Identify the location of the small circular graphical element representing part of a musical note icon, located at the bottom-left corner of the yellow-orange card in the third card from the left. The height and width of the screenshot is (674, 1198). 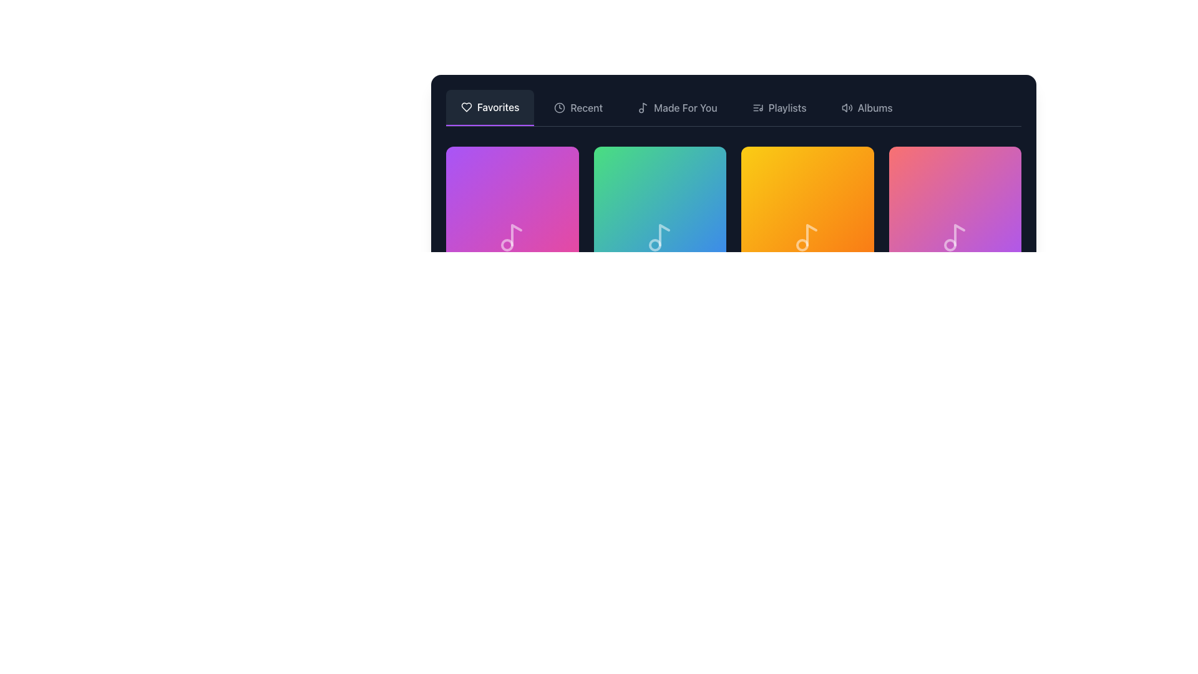
(802, 245).